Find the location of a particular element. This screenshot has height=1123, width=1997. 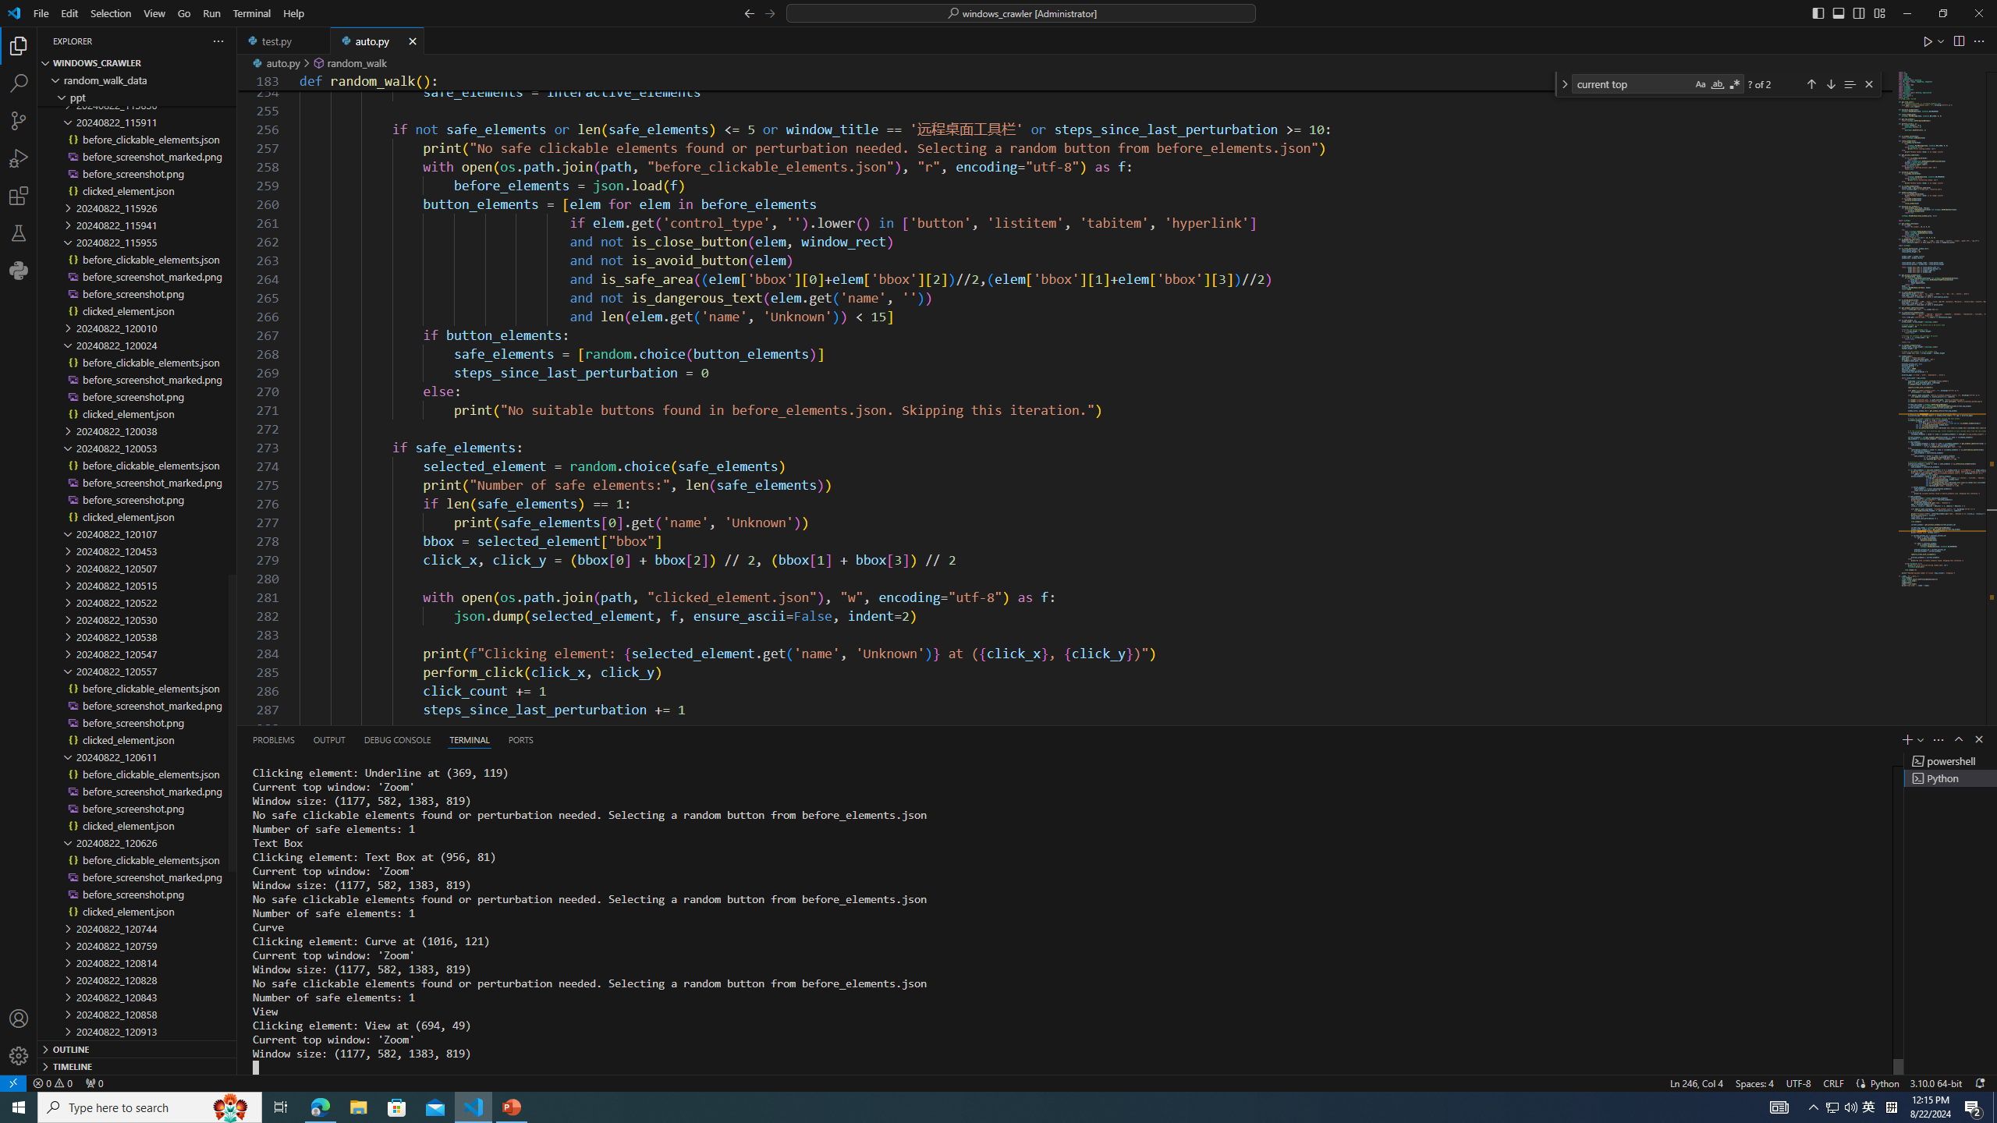

'Go Back (Alt+LeftArrow)' is located at coordinates (750, 12).